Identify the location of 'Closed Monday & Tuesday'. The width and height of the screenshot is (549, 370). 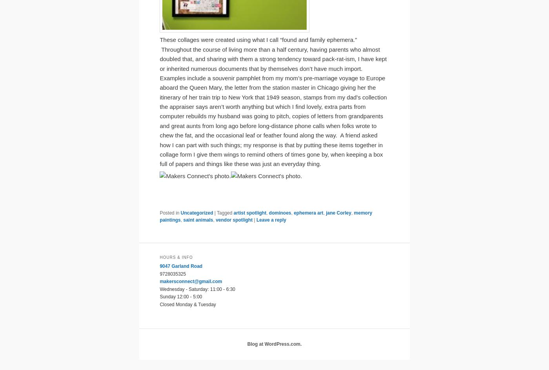
(187, 303).